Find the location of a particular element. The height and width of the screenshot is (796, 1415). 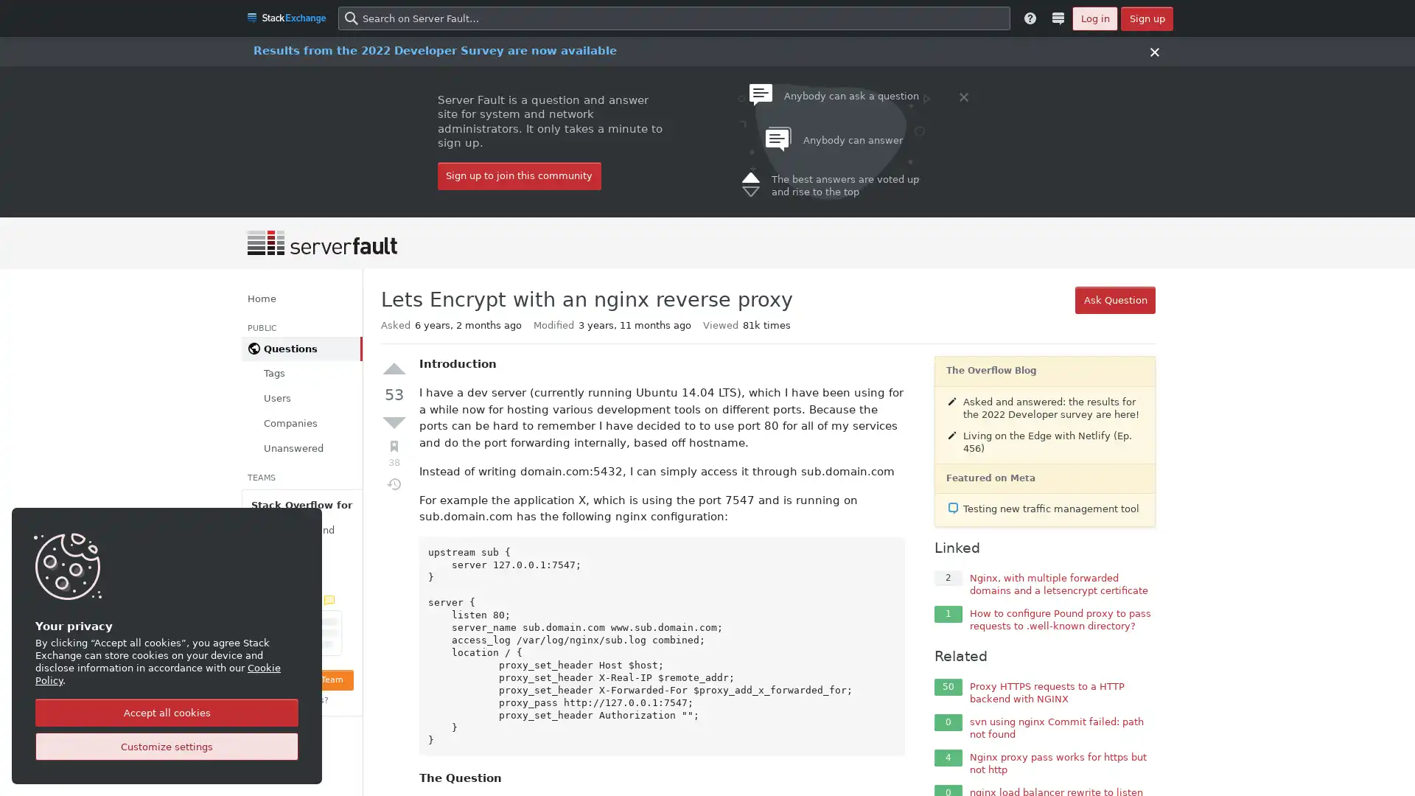

Bookmark (38) is located at coordinates (394, 453).